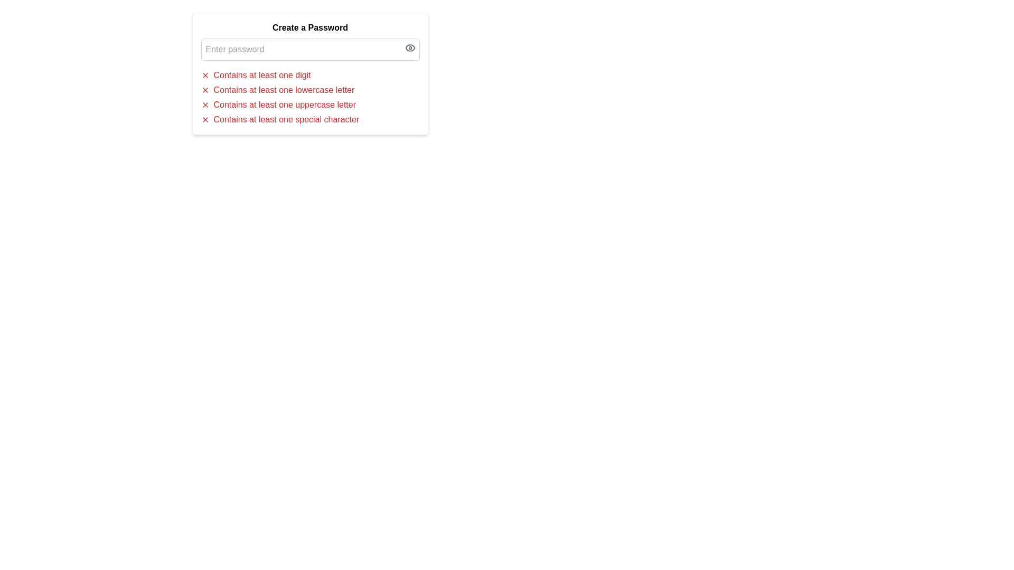  Describe the element at coordinates (284, 89) in the screenshot. I see `text that displays the requirement for a password to contain at least one lowercase letter, positioned below the password input field and above the next criterion in a vertically arranged list` at that location.